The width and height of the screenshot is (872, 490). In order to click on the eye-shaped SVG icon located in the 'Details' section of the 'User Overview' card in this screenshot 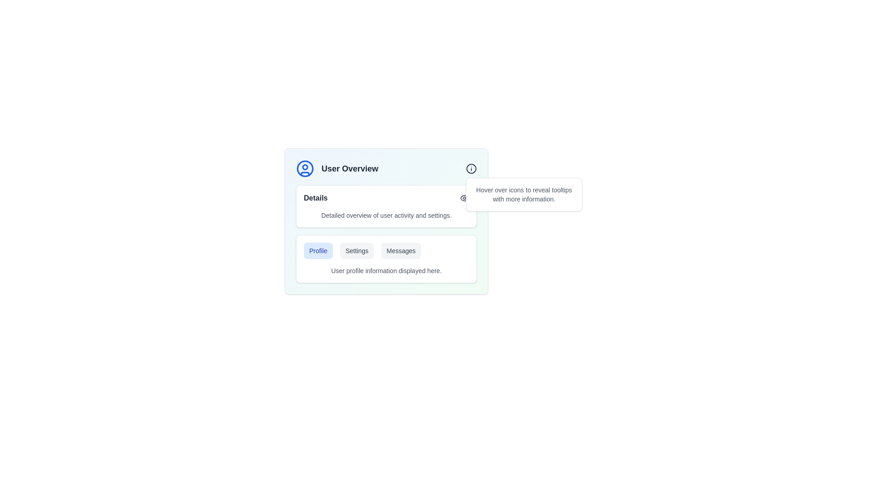, I will do `click(464, 197)`.